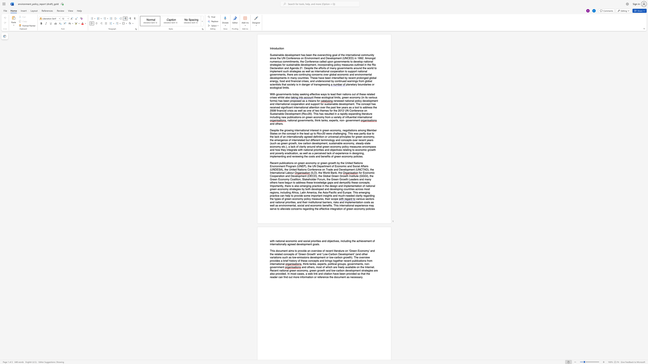 Image resolution: width=648 pixels, height=364 pixels. What do you see at coordinates (310, 166) in the screenshot?
I see `the subset text "e UN Department of Economic and Social Affairs (UNDESA), the Un" within the text "Recent publications on green economy or green growth by the United Nations Environment Program (UNEP), the UN Department of Economic and Social Affairs (UNDESA), the United Nations Conference on Trade and Development (UNCTAD), the International Labour"` at bounding box center [310, 166].